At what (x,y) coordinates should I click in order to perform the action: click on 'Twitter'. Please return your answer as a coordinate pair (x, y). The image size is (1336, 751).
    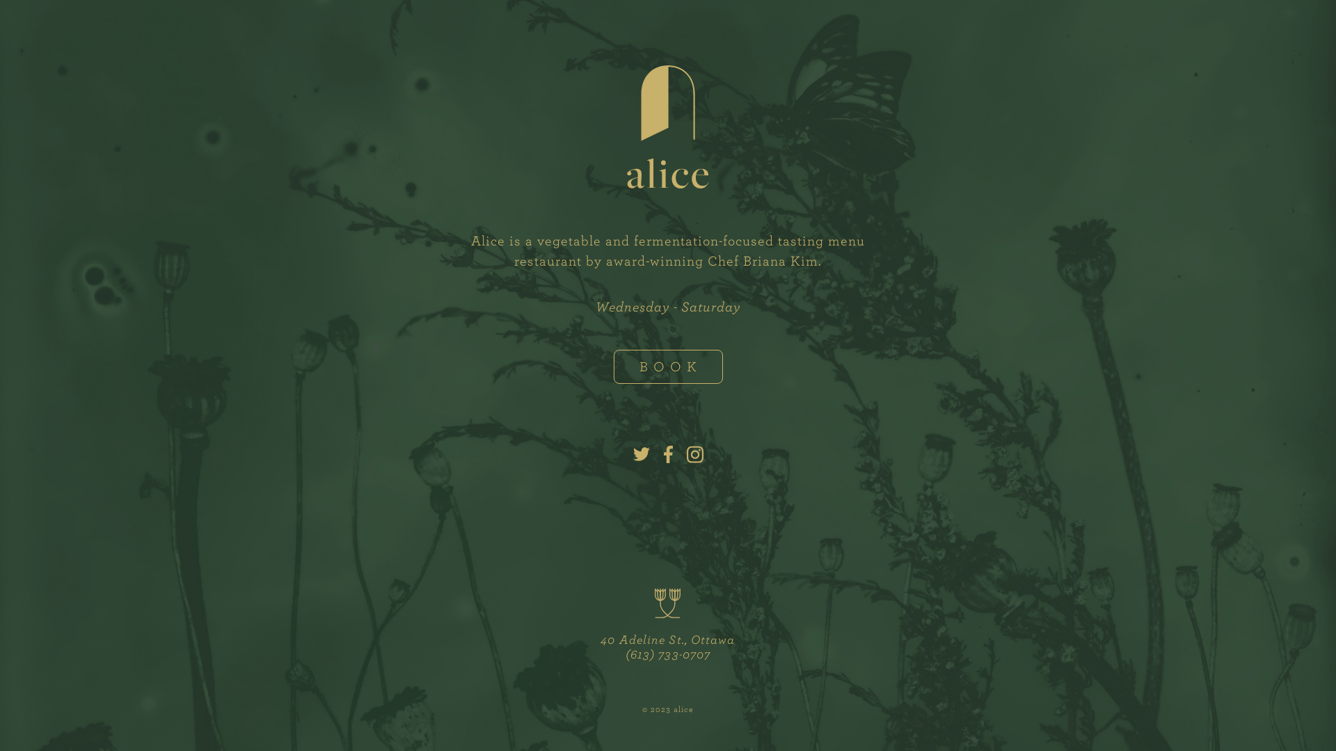
    Looking at the image, I should click on (640, 455).